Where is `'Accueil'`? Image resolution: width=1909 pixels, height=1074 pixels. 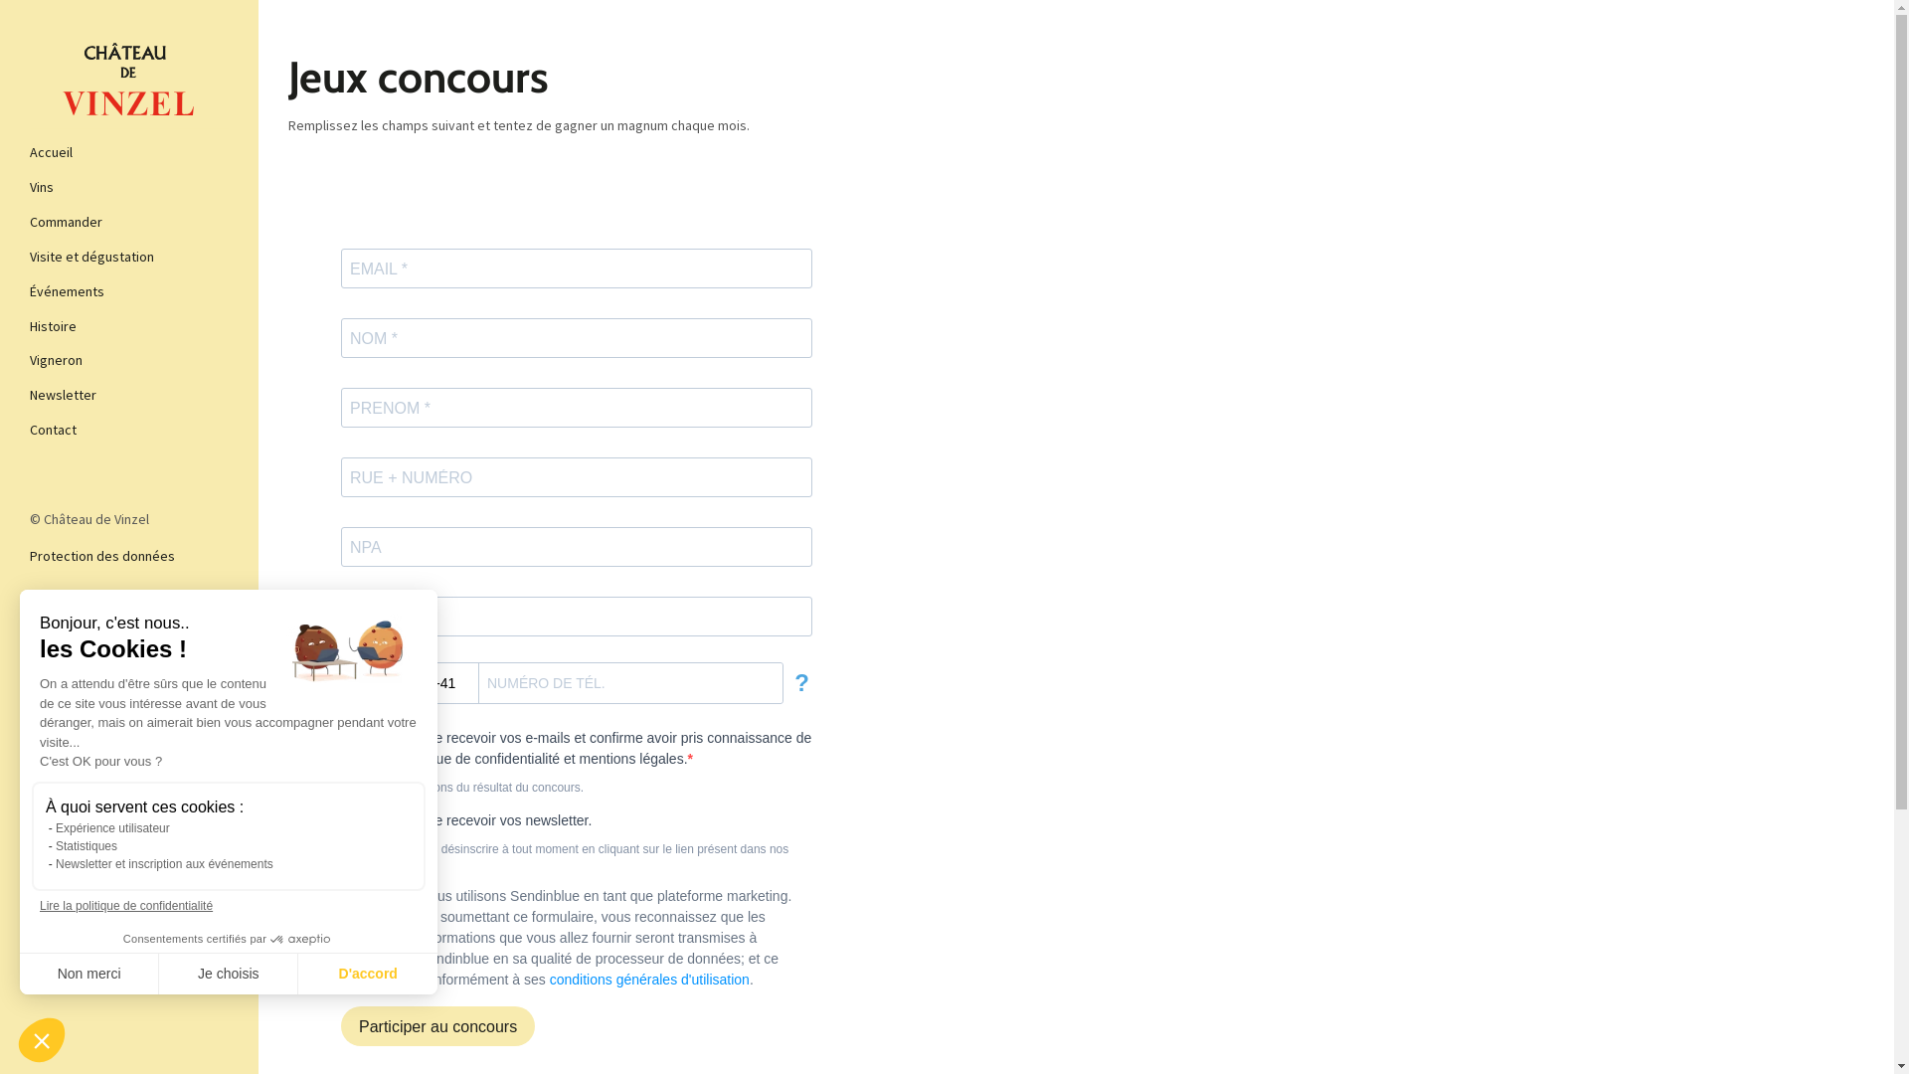
'Accueil' is located at coordinates (29, 151).